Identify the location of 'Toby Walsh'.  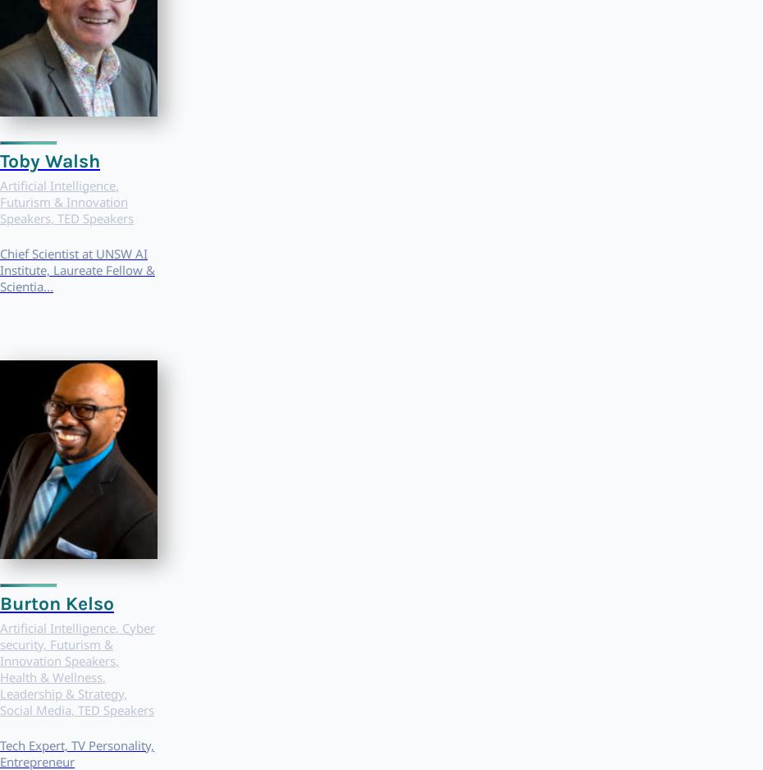
(49, 159).